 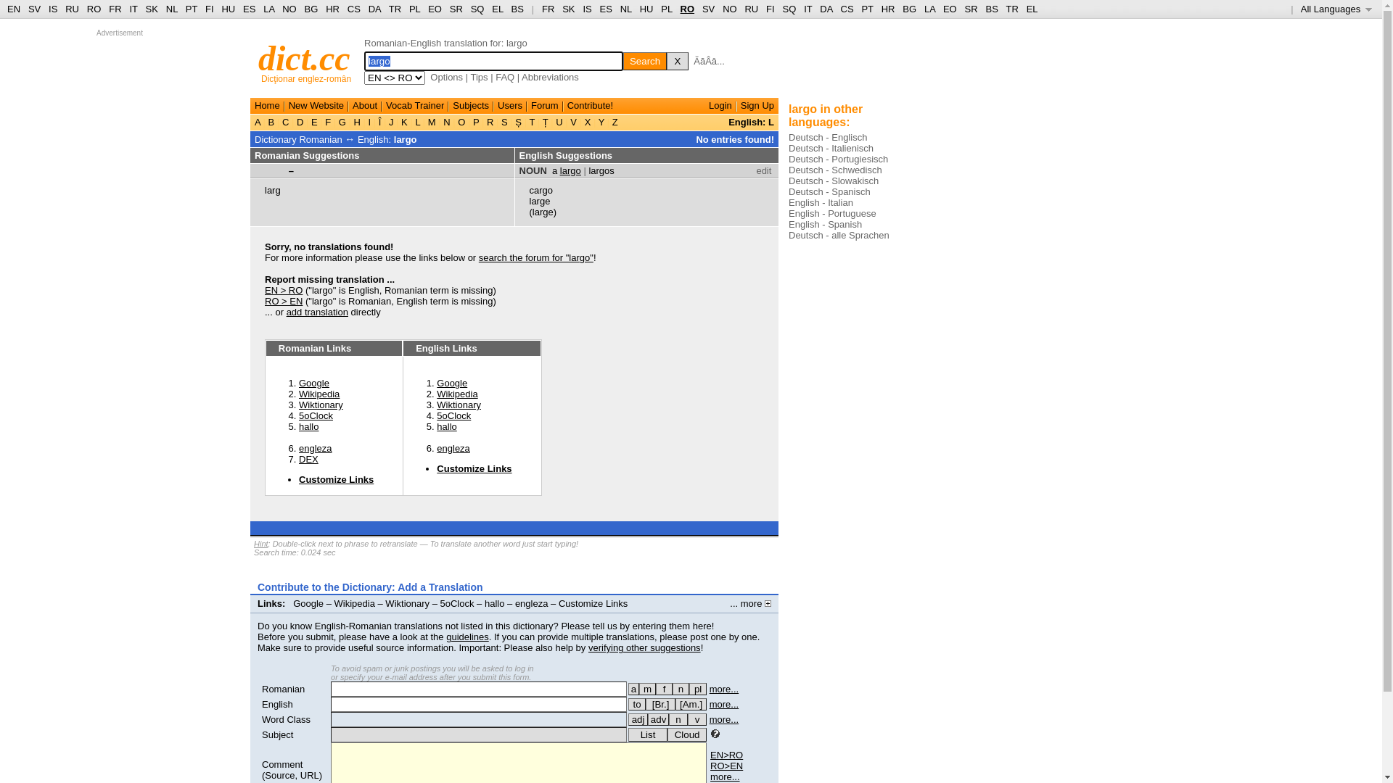 What do you see at coordinates (494, 603) in the screenshot?
I see `'hallo'` at bounding box center [494, 603].